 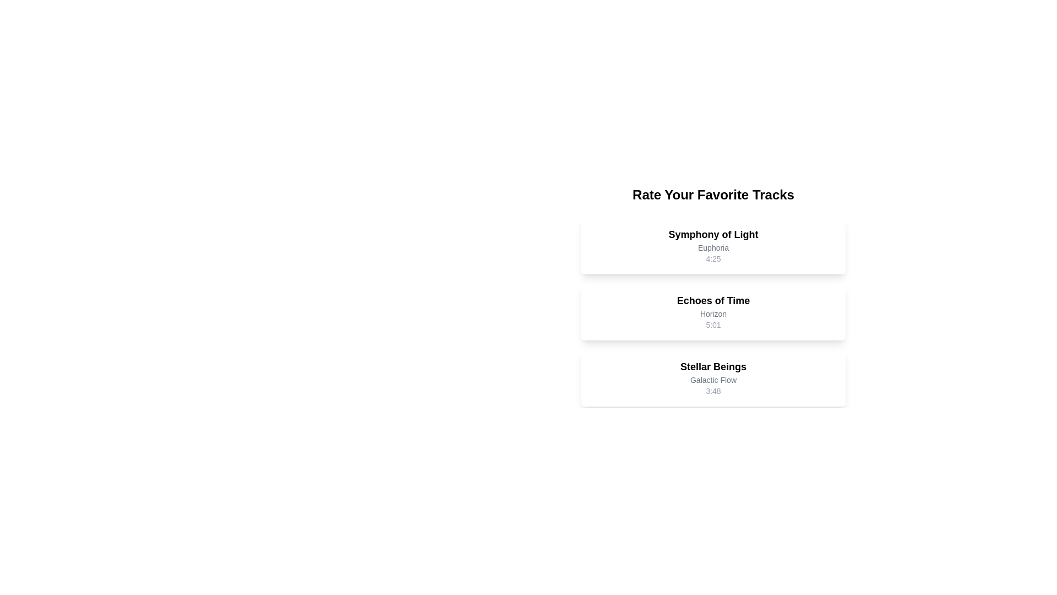 What do you see at coordinates (713, 259) in the screenshot?
I see `the text element displaying '4:25' which is part of the song 'Symphony of Light' and located below the subtitle 'Euphoria'` at bounding box center [713, 259].